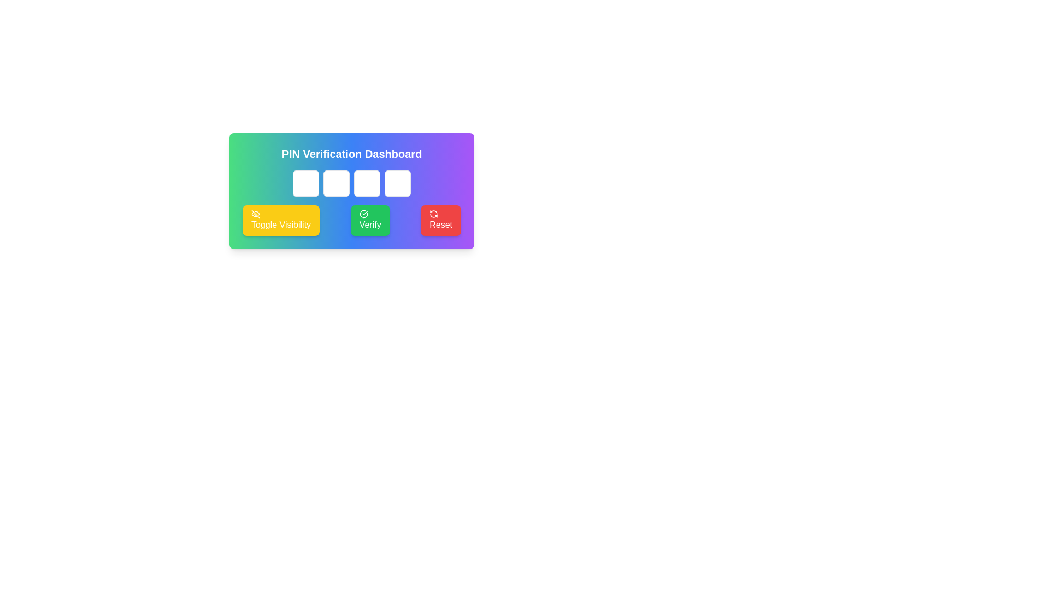  Describe the element at coordinates (441, 221) in the screenshot. I see `the bright red 'Reset' button with a circular arrow icon above the text to reset the PIN fields` at that location.